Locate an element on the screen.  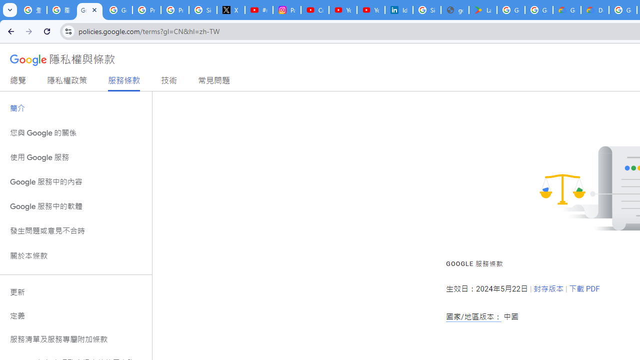
'YouTube Culture & Trends - YouTube Top 10, 2021' is located at coordinates (370, 10).